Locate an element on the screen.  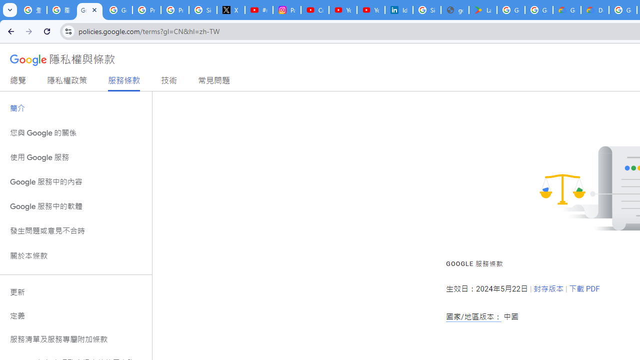
'YouTube Culture & Trends - YouTube Top 10, 2021' is located at coordinates (370, 10).